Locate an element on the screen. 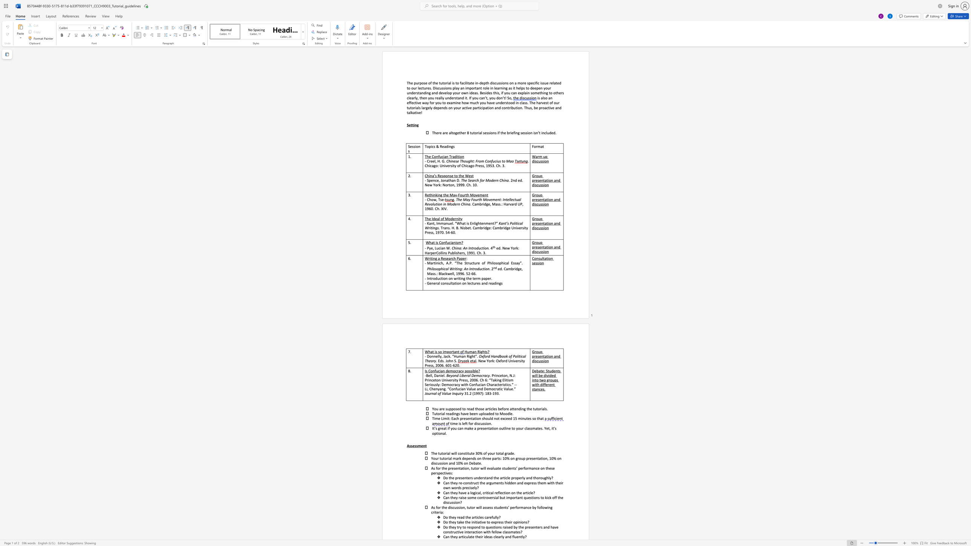 The image size is (971, 546). the subset text "tation and" within the text "Group presentation and discussion" is located at coordinates (543, 199).